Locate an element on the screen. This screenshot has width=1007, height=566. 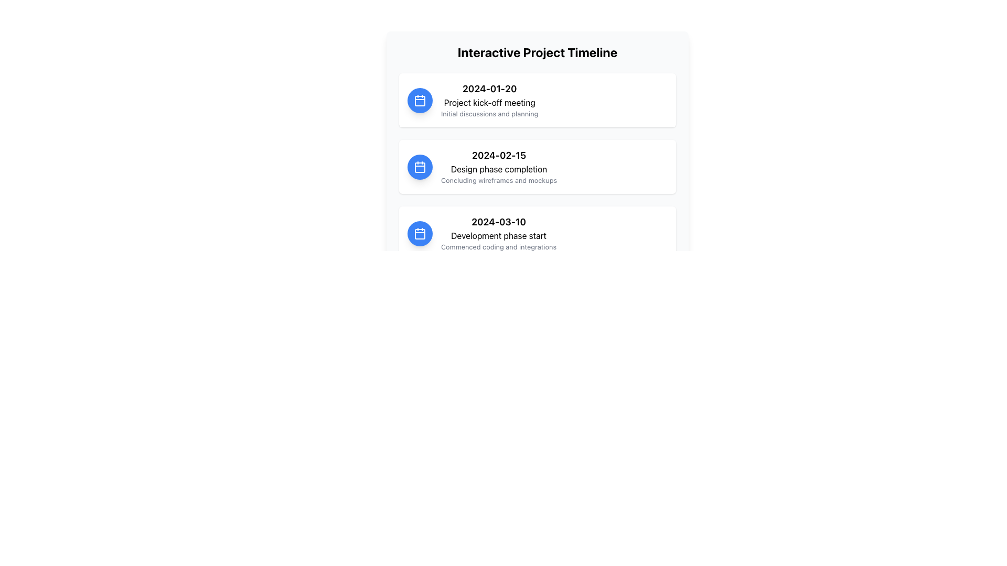
title text of the milestone located between the date '2024-02-15' and the description 'Concluding wireframes and mockups' in the timeline is located at coordinates (498, 169).